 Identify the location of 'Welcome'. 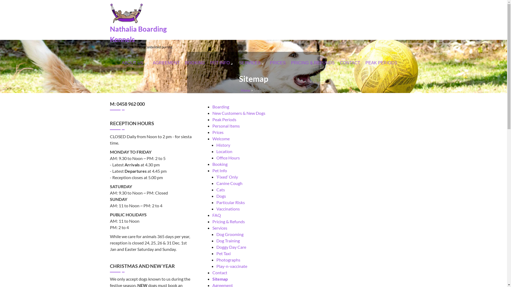
(212, 138).